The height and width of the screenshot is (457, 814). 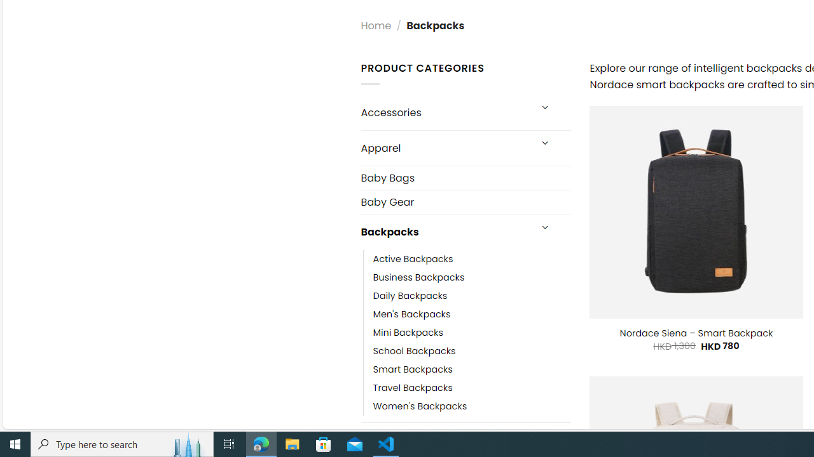 What do you see at coordinates (408, 332) in the screenshot?
I see `'Mini Backpacks'` at bounding box center [408, 332].